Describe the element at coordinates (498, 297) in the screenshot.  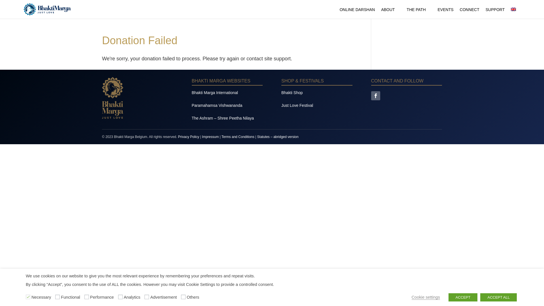
I see `'ACCEPT ALL'` at that location.